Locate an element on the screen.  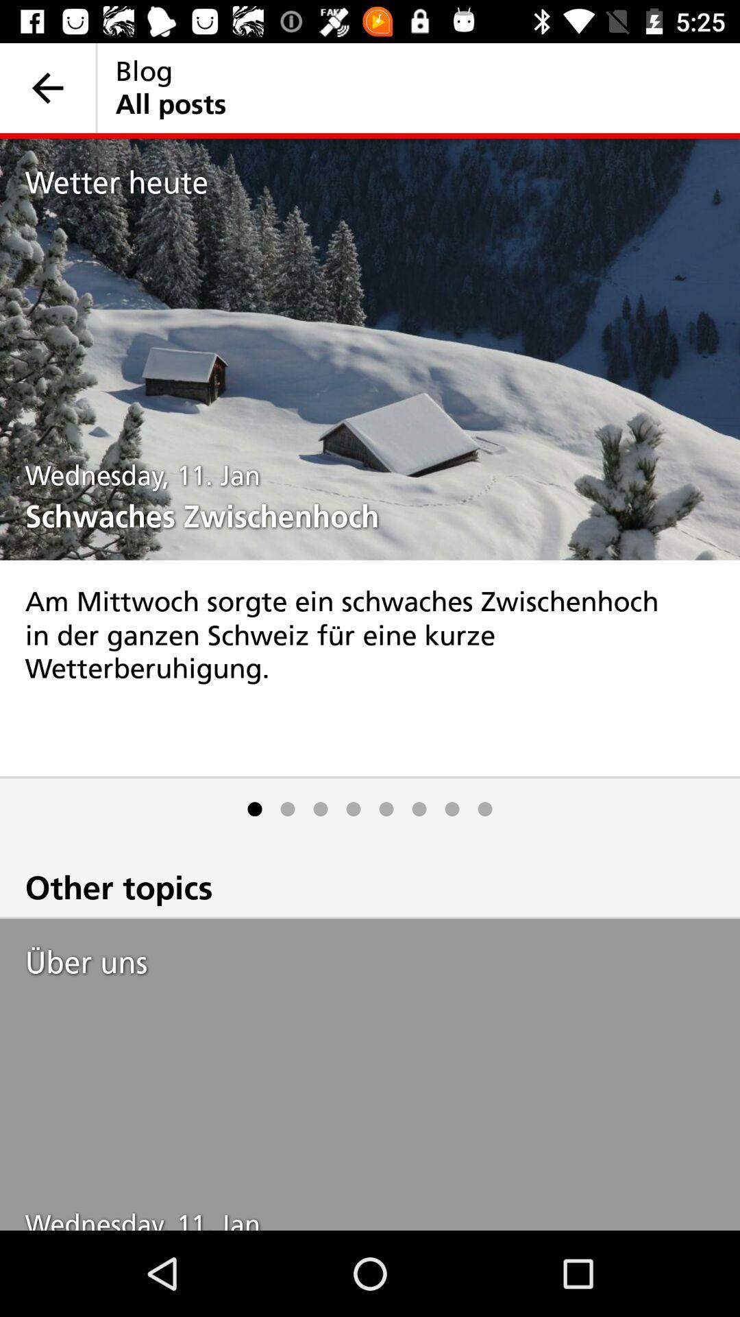
icon above other topics item is located at coordinates (353, 809).